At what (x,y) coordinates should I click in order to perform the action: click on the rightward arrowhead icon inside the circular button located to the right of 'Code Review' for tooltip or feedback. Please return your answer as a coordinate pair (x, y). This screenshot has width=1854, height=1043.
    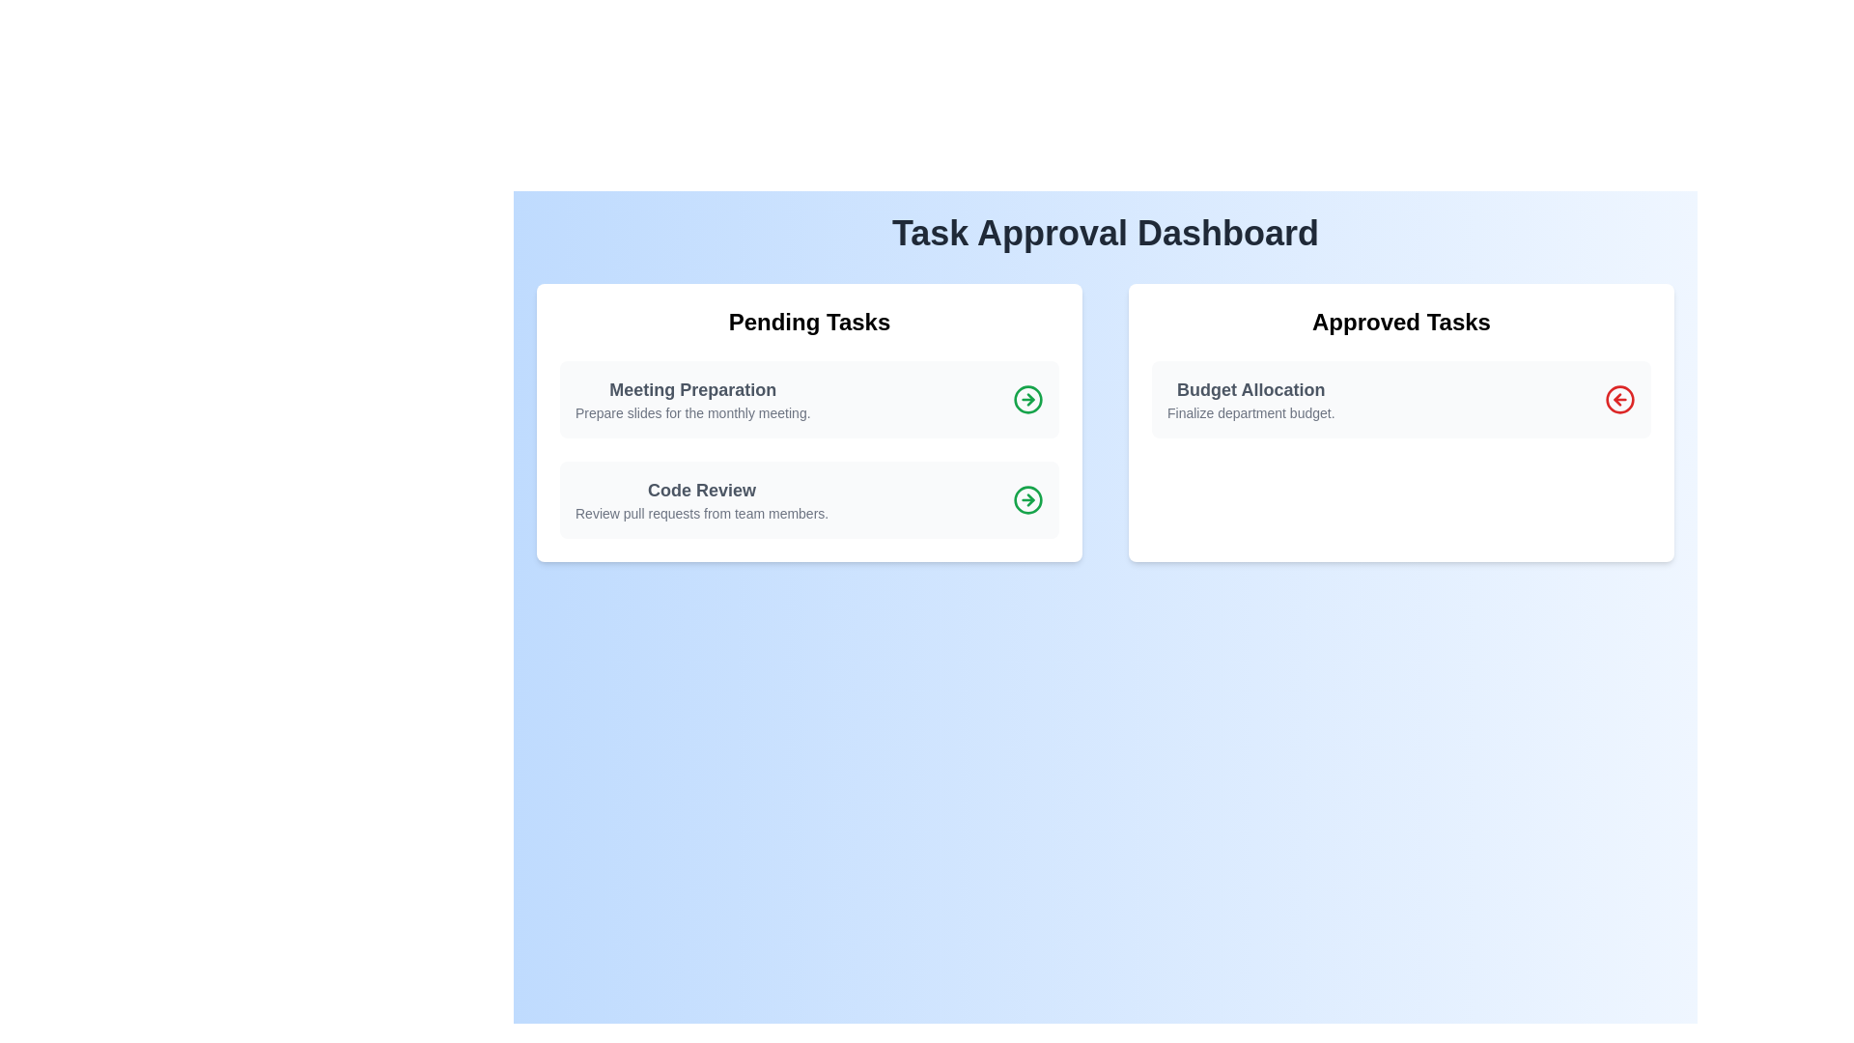
    Looking at the image, I should click on (1029, 398).